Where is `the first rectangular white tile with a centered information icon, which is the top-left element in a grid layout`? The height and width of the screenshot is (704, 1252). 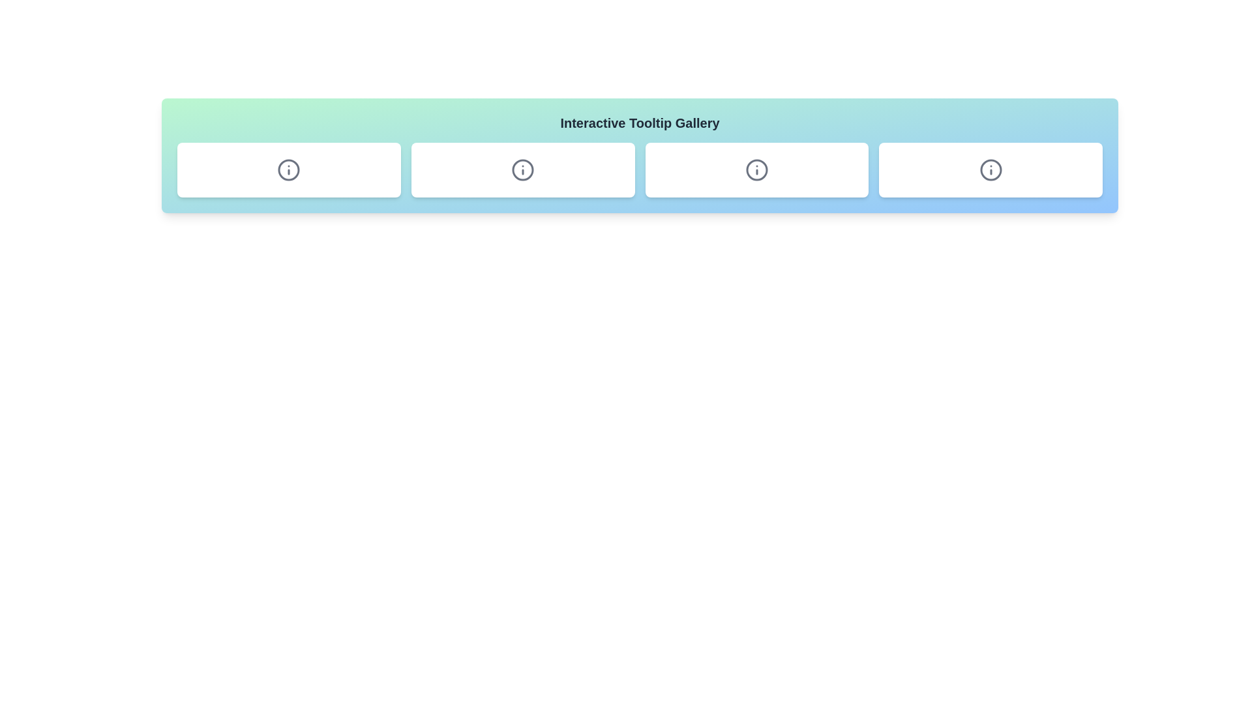 the first rectangular white tile with a centered information icon, which is the top-left element in a grid layout is located at coordinates (288, 169).